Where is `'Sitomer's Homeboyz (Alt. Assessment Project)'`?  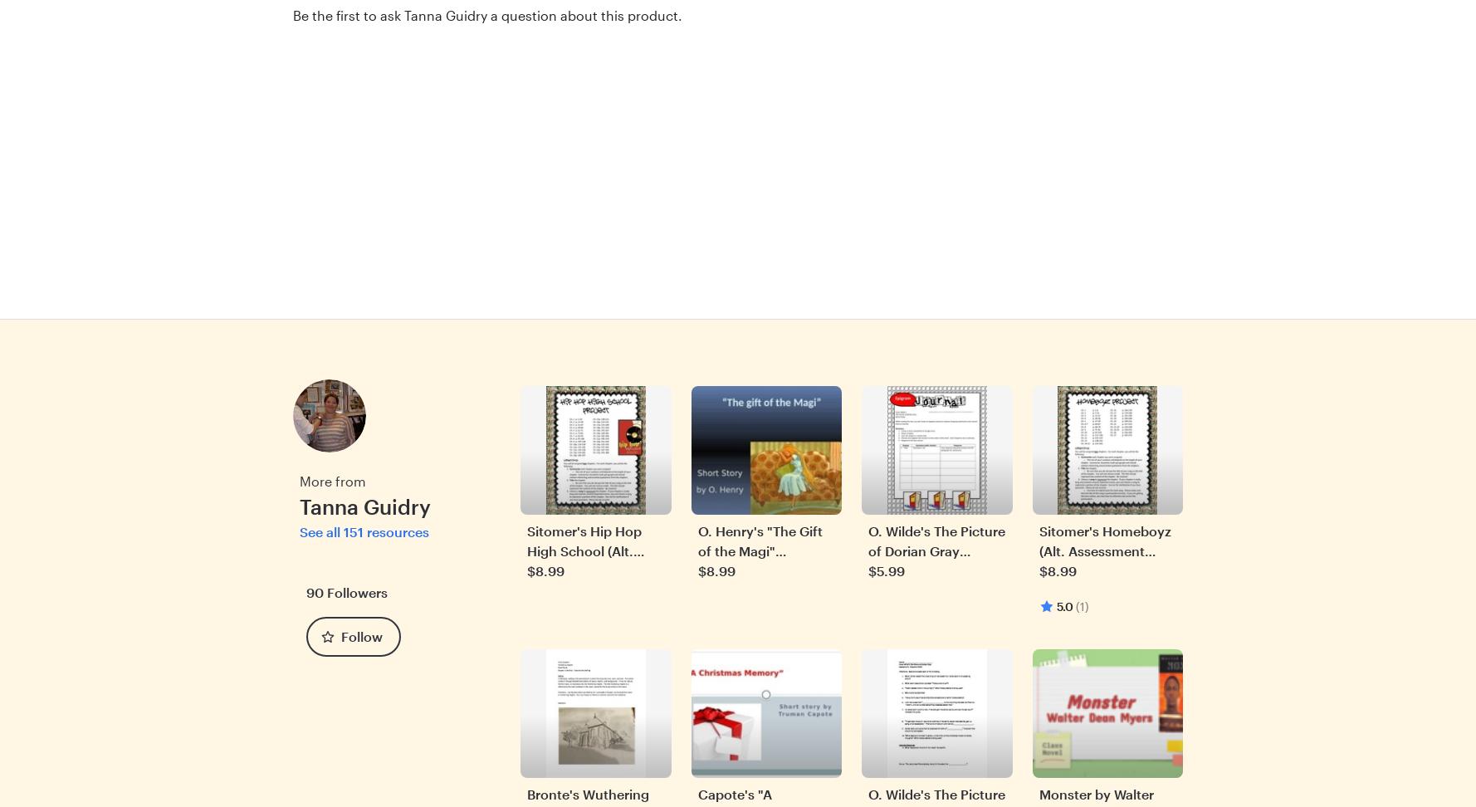
'Sitomer's Homeboyz (Alt. Assessment Project)' is located at coordinates (1104, 550).